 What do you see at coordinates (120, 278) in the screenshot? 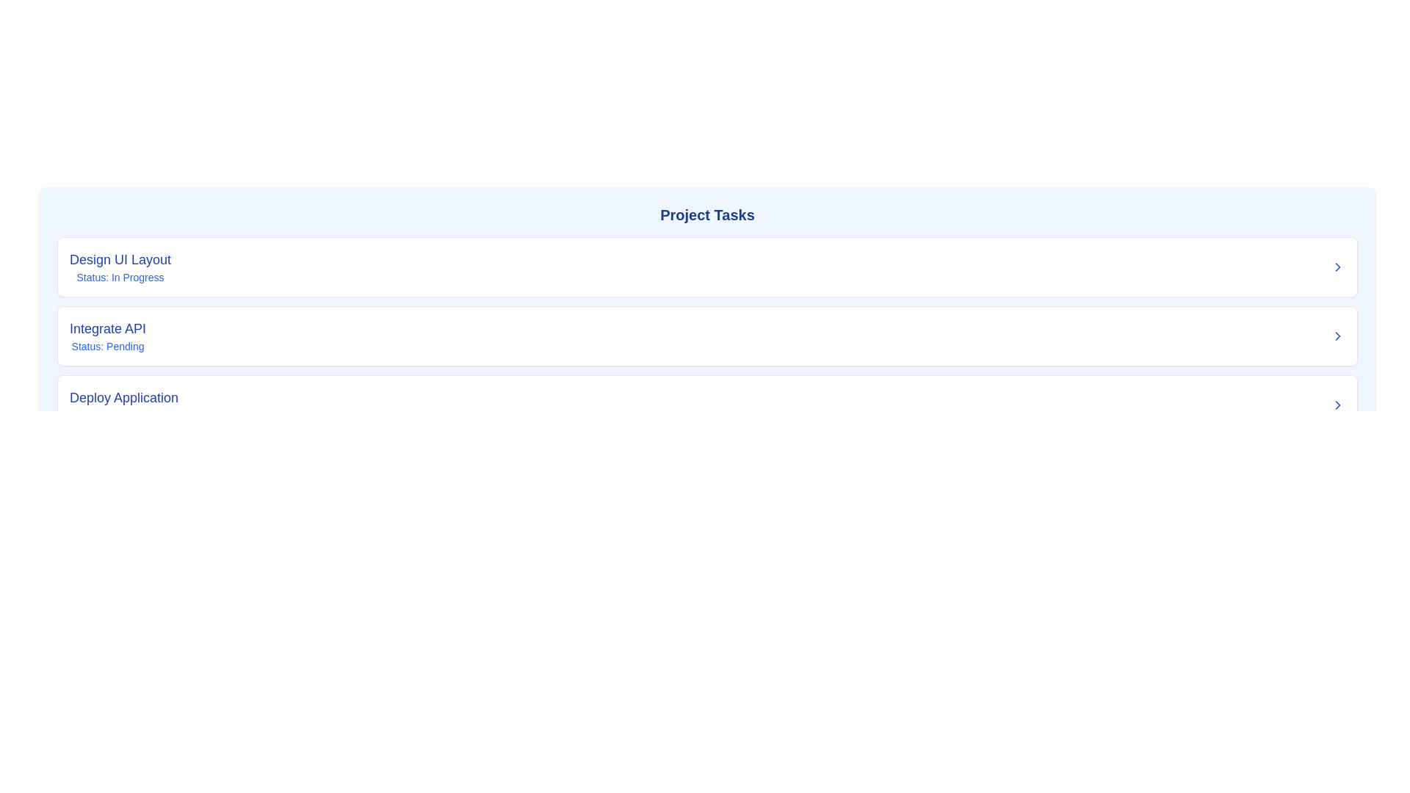
I see `the static Text Label that displays the current status of the task 'Design UI Layout', located centrally within its card layout` at bounding box center [120, 278].